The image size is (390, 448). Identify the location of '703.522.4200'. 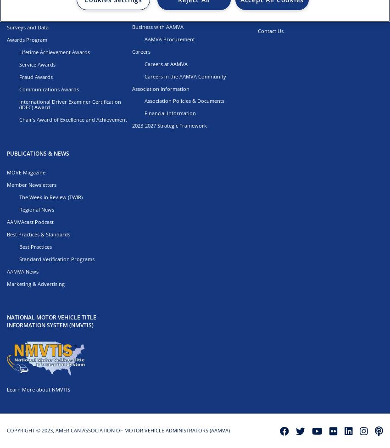
(257, 16).